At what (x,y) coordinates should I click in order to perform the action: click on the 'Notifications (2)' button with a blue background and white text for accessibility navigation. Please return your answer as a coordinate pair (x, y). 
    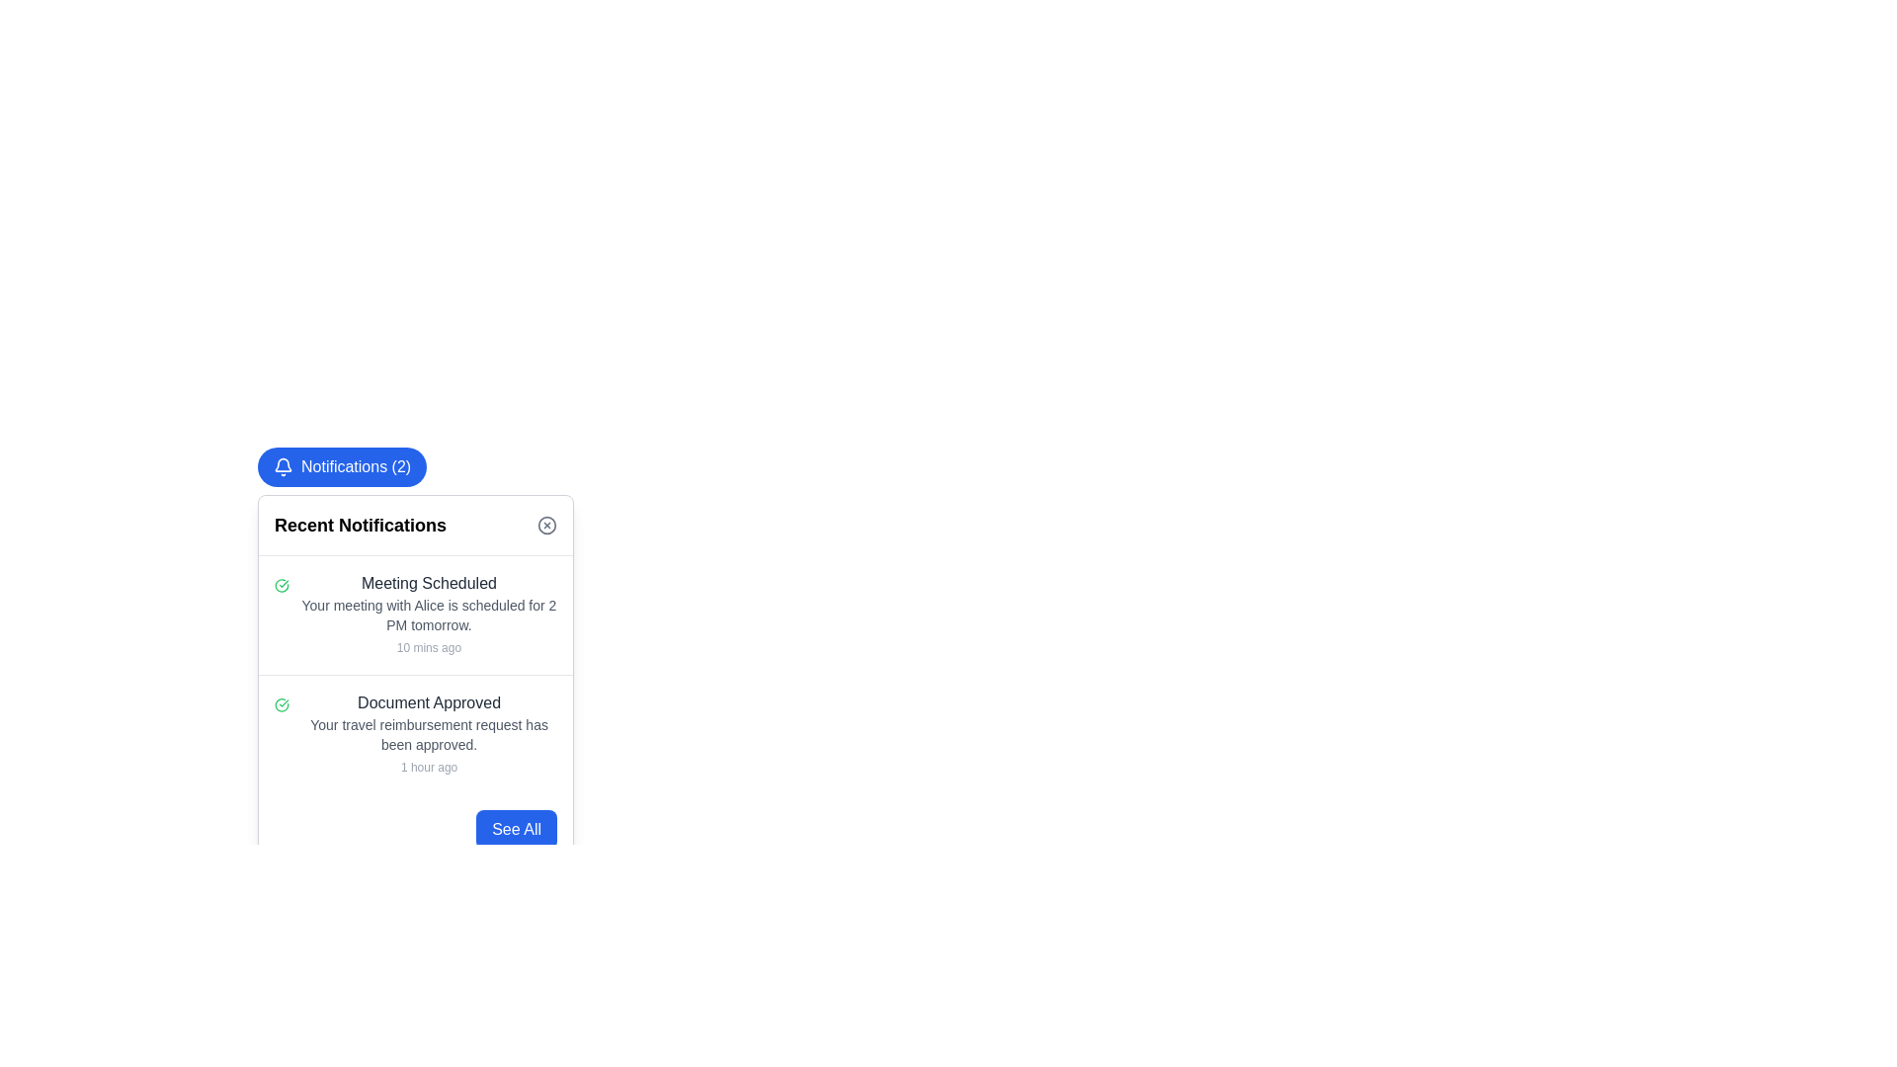
    Looking at the image, I should click on (342, 467).